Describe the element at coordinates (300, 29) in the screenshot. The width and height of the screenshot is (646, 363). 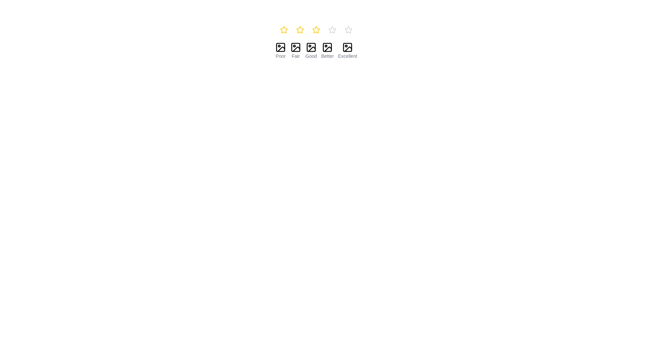
I see `the second star icon` at that location.